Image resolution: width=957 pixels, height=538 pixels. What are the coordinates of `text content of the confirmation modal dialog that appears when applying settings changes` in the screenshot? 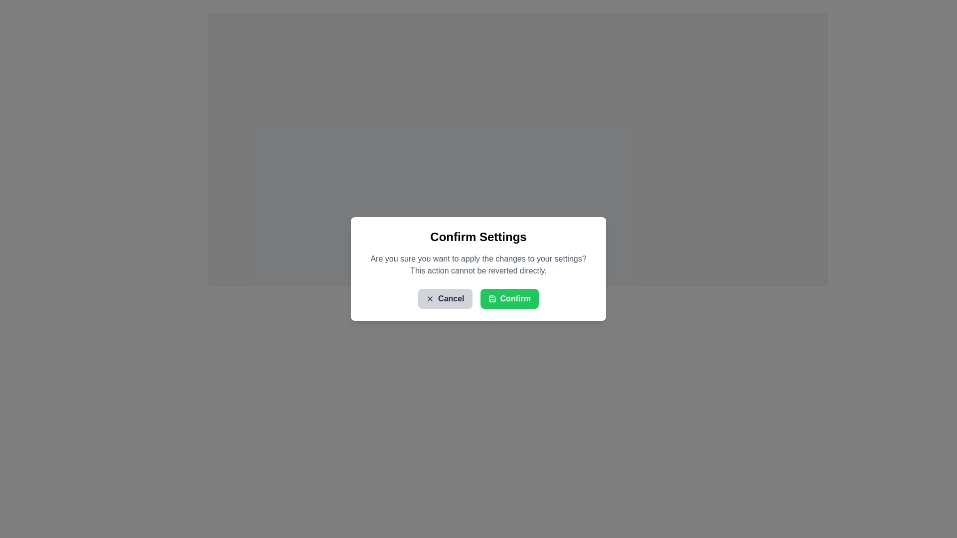 It's located at (478, 269).